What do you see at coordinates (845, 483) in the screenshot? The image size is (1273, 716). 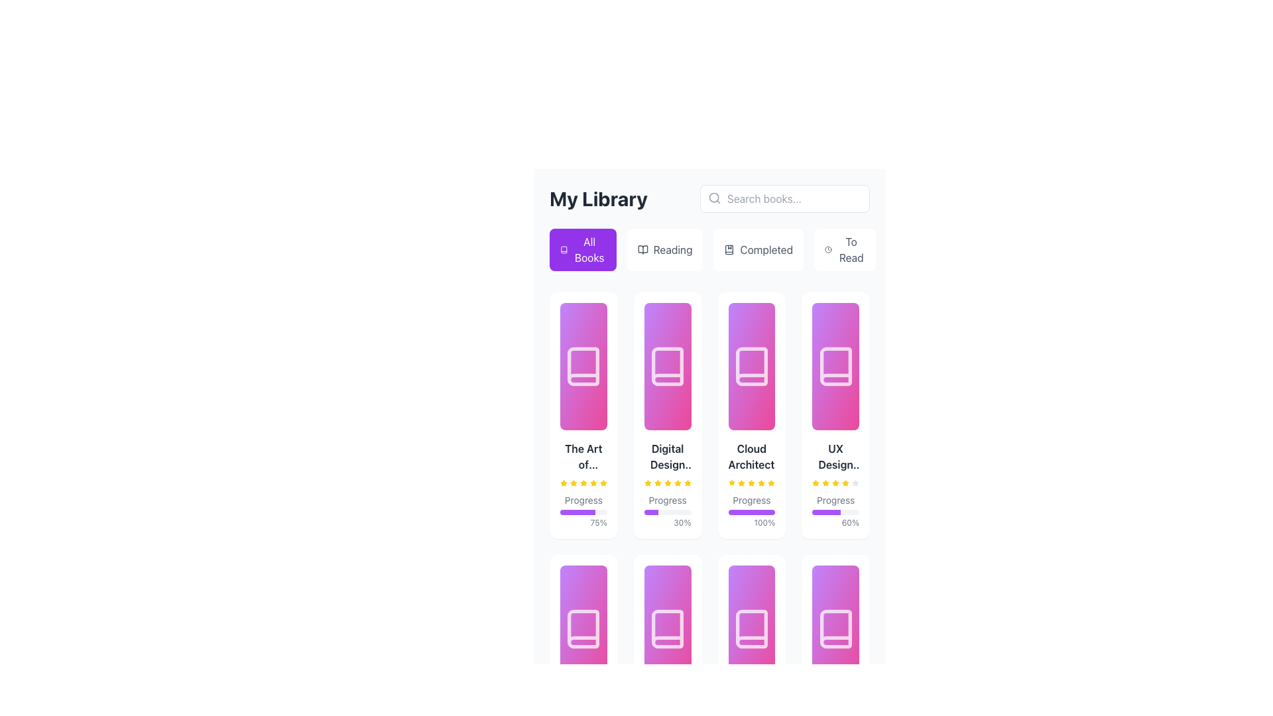 I see `the fourth yellow star in the rating section of the UX Design card, which indicates the selected rating` at bounding box center [845, 483].